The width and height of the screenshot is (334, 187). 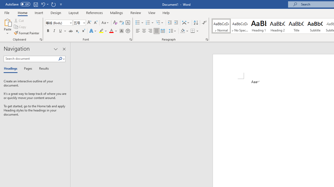 What do you see at coordinates (27, 69) in the screenshot?
I see `'Pages'` at bounding box center [27, 69].